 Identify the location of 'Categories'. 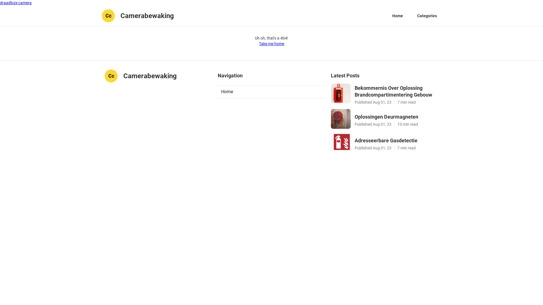
(427, 16).